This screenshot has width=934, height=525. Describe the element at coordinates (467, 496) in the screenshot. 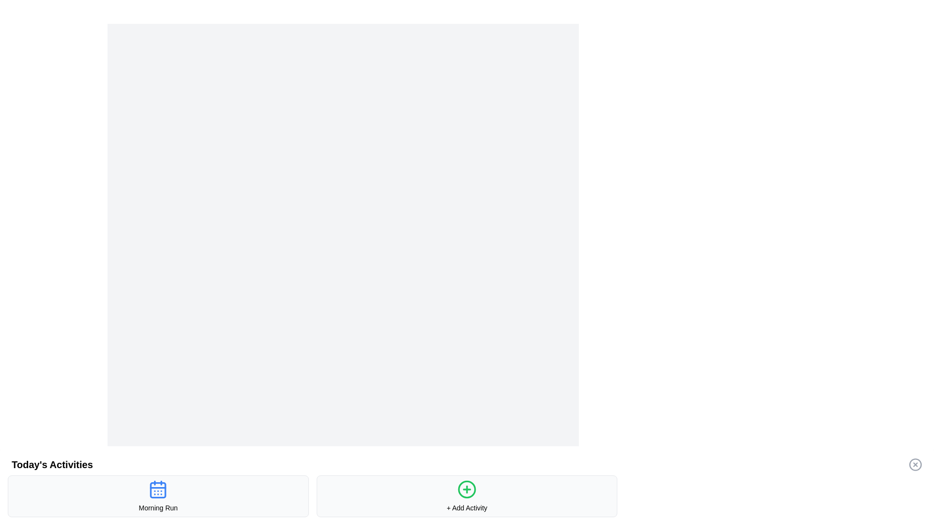

I see `the green plus button located to the right of the 'Morning Run' button in the bottom-middle area of the interface` at that location.